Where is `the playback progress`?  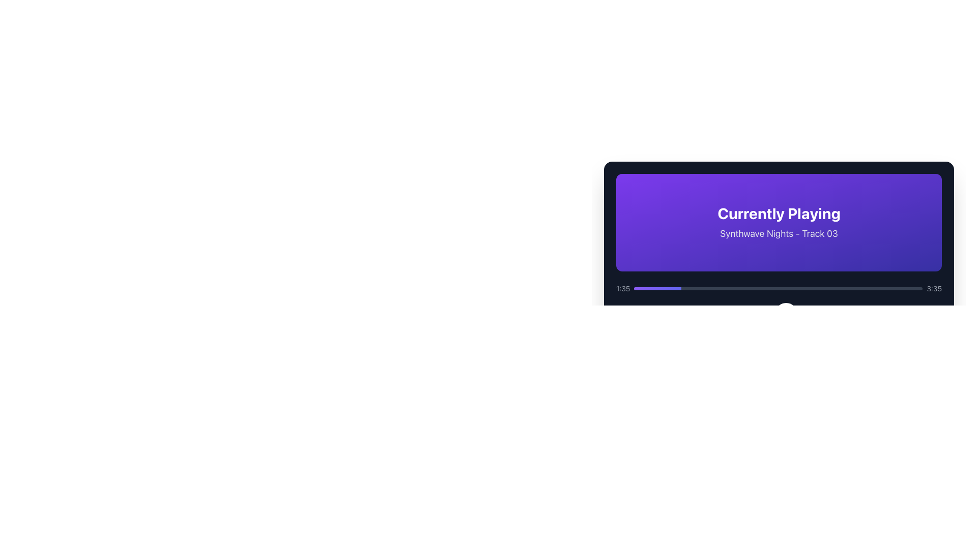
the playback progress is located at coordinates (737, 288).